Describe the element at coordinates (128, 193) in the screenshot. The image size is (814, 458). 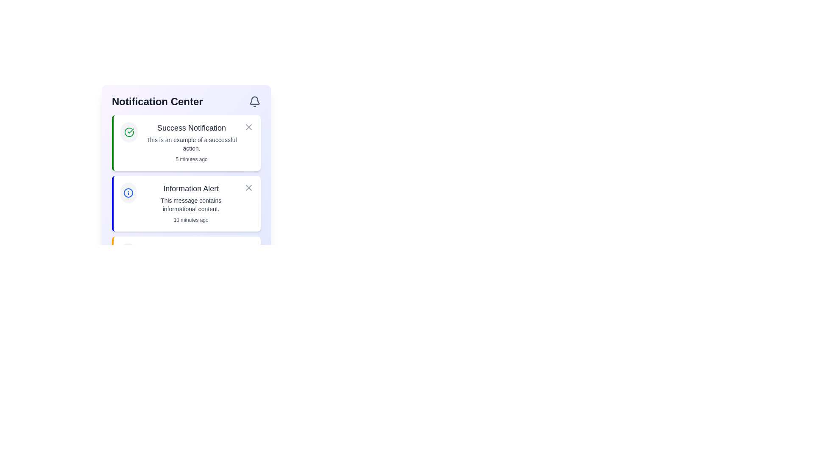
I see `the information icon button located in the upper left corner of the 'Information Alert' notification card` at that location.